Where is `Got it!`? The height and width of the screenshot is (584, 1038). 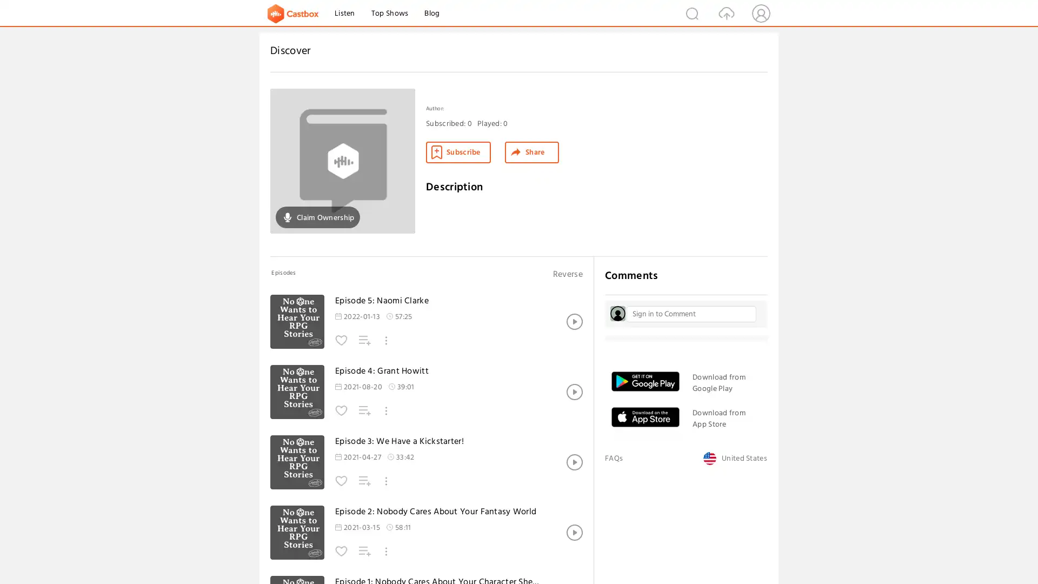 Got it! is located at coordinates (989, 555).